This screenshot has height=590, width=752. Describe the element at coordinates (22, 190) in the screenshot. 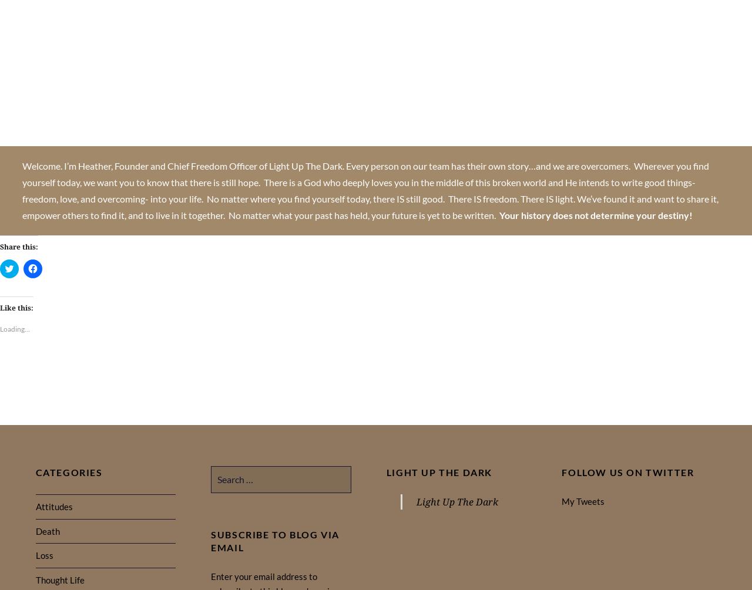

I see `'Welcome. I’m Heather, Founder and Chief Freedom Officer of Light Up The Dark. Every person on our team has their own story…and we are overcomers.  Wherever you find yourself today, we want you to know that there is still hope.  There is a God who deeply loves you in the middle of this broken world and He intends to write good things- freedom, love, and overcoming- into your life.  No matter where you find yourself today, there IS still good.  There IS freedom. There IS light. We’ve found it and want to share it, empower others to find it, and to live in it together.  No matter what your past has held, your future is yet to be written.'` at that location.